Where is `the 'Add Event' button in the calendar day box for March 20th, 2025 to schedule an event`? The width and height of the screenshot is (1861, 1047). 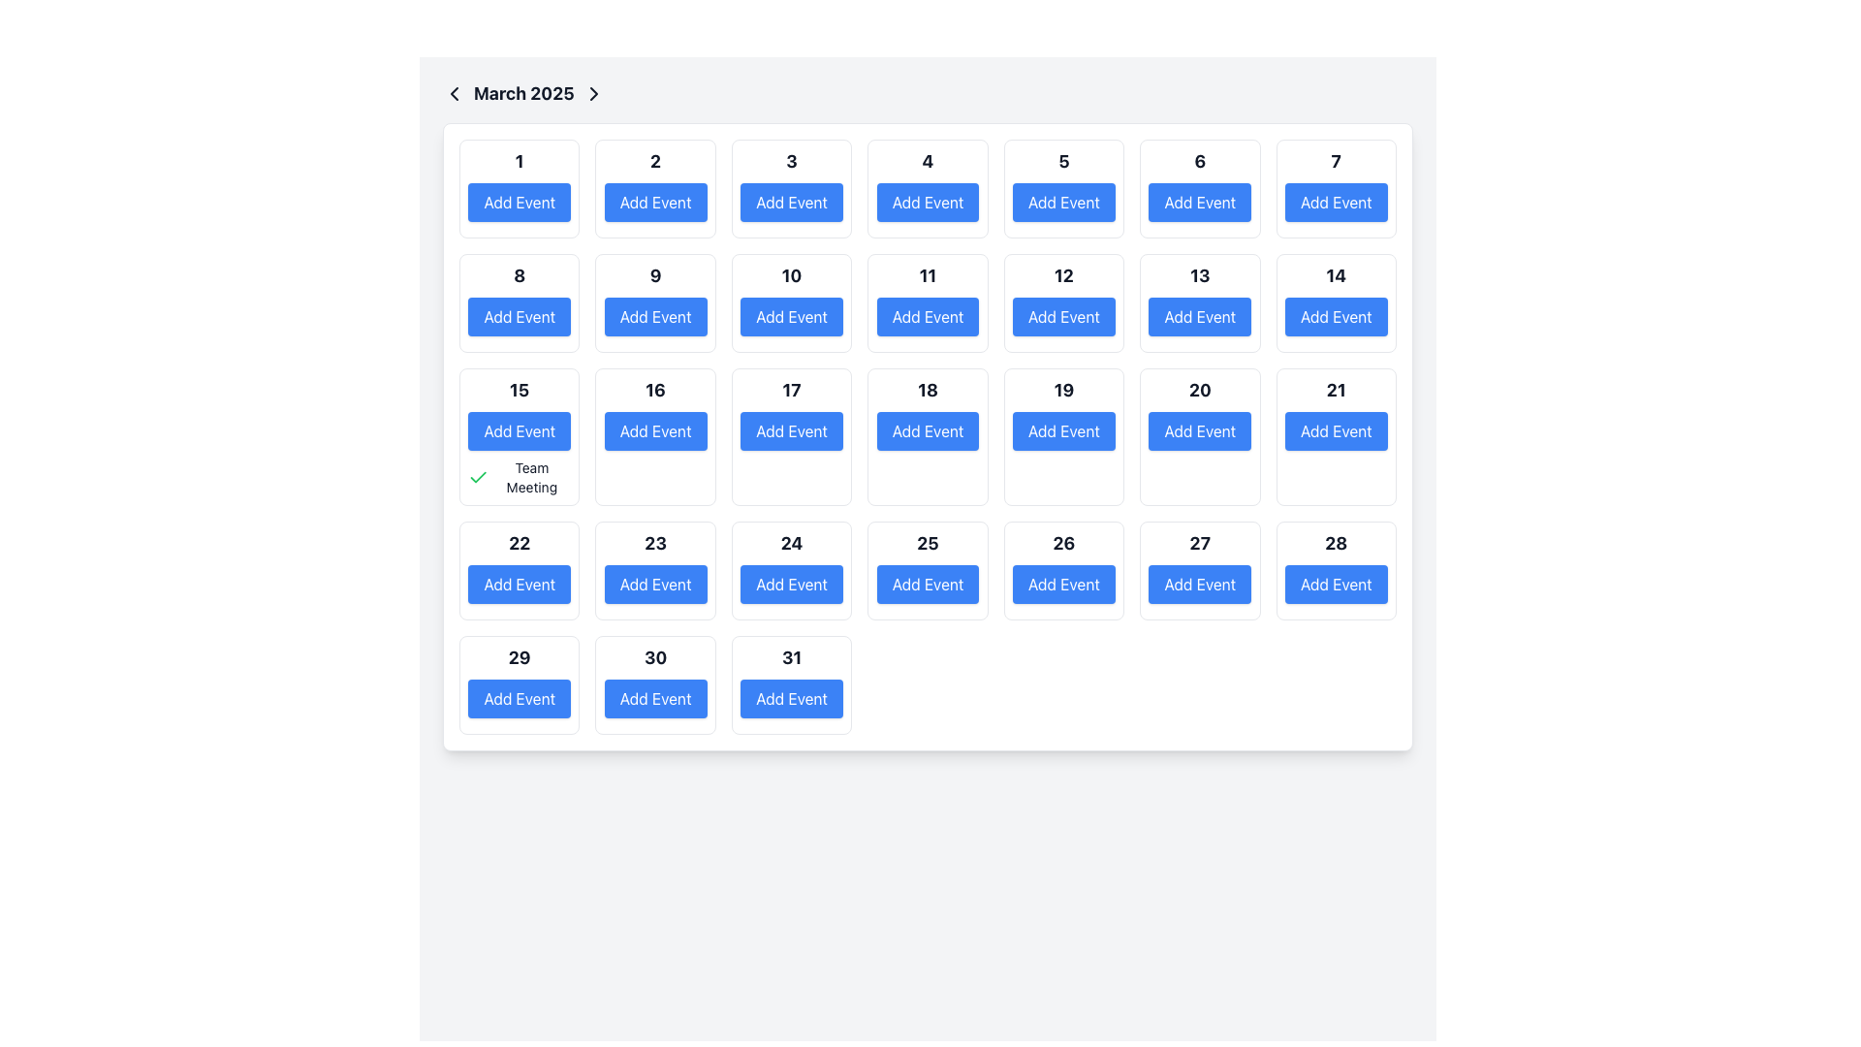
the 'Add Event' button in the calendar day box for March 20th, 2025 to schedule an event is located at coordinates (1199, 437).